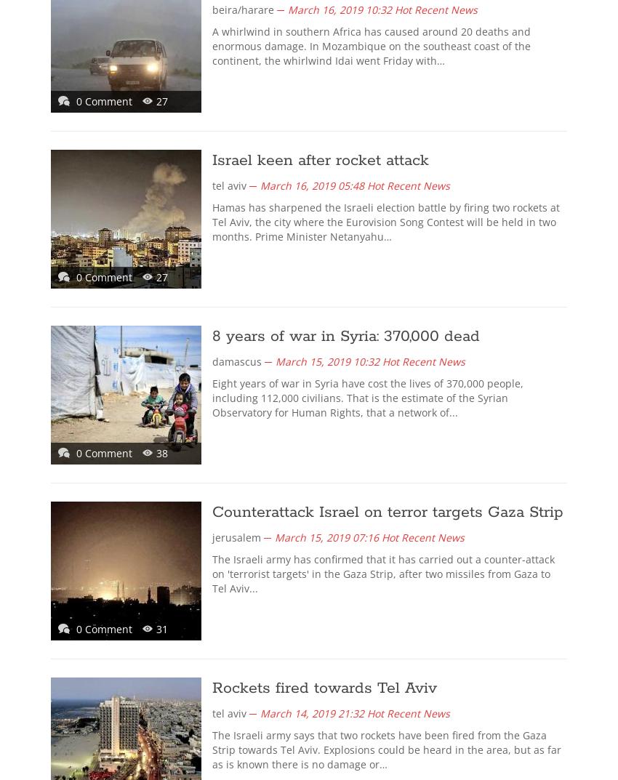 The image size is (618, 780). What do you see at coordinates (311, 712) in the screenshot?
I see `'March 14, 2019 21:32'` at bounding box center [311, 712].